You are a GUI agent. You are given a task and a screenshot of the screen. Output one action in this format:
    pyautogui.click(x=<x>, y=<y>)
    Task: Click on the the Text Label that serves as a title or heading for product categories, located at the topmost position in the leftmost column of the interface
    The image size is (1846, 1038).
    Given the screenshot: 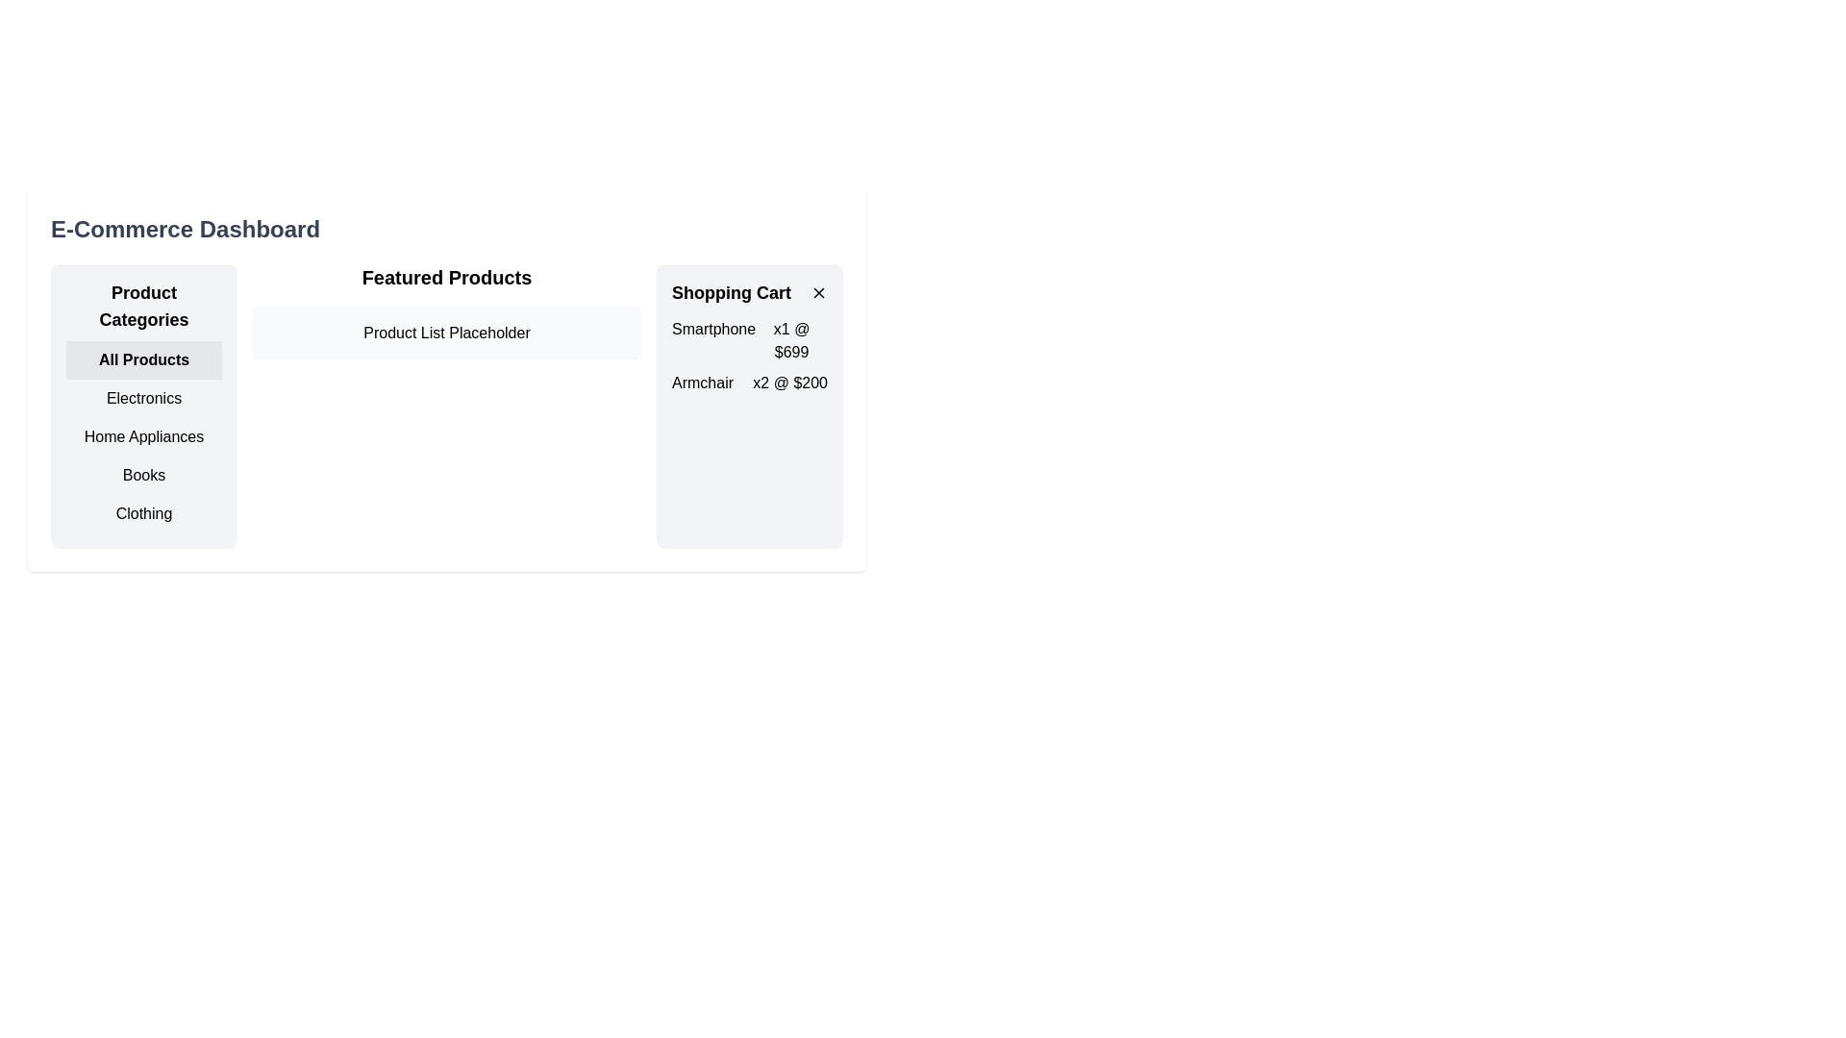 What is the action you would take?
    pyautogui.click(x=142, y=306)
    